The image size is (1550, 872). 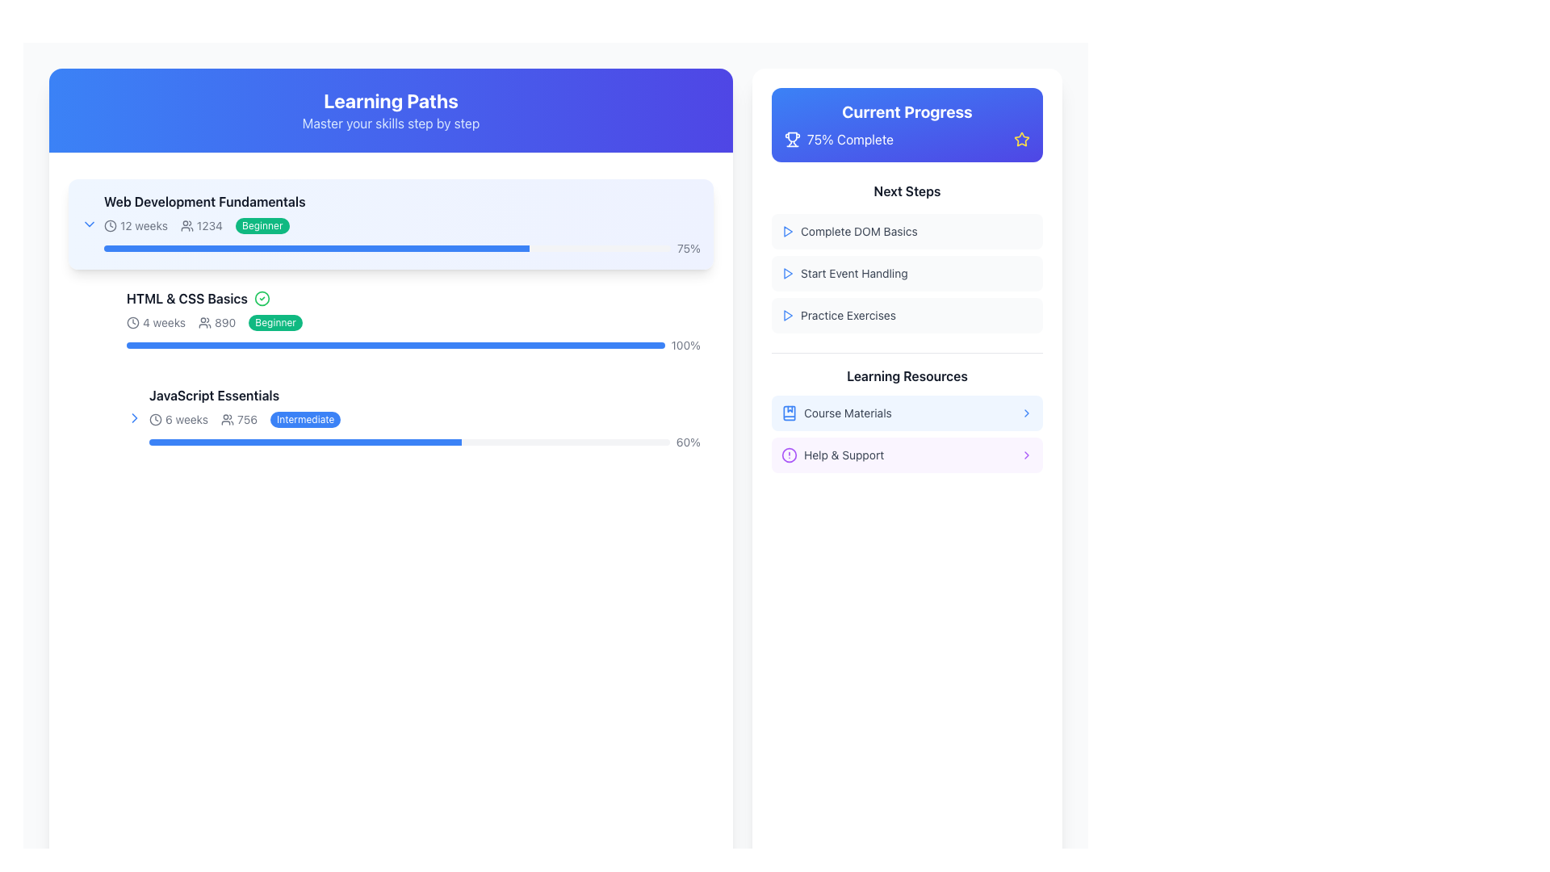 I want to click on text label indicating 'Start Event Handling', which is located in the middle of the right-hand column under the 'Next Steps' section, as the second item in the list, so click(x=853, y=273).